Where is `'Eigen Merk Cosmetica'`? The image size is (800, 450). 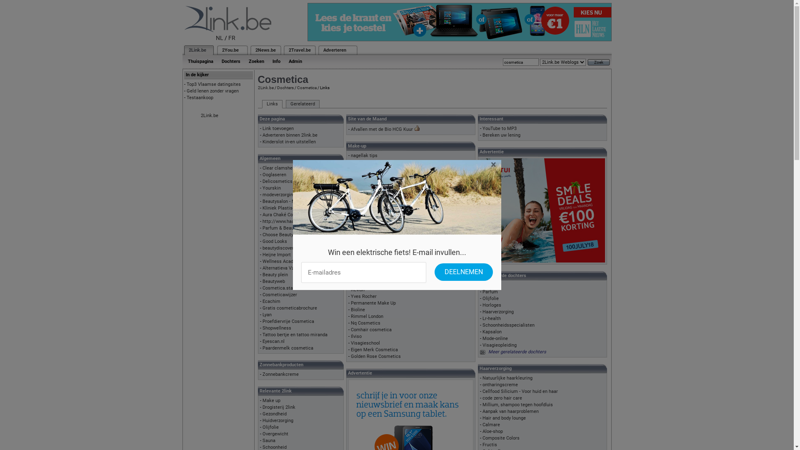
'Eigen Merk Cosmetica' is located at coordinates (374, 350).